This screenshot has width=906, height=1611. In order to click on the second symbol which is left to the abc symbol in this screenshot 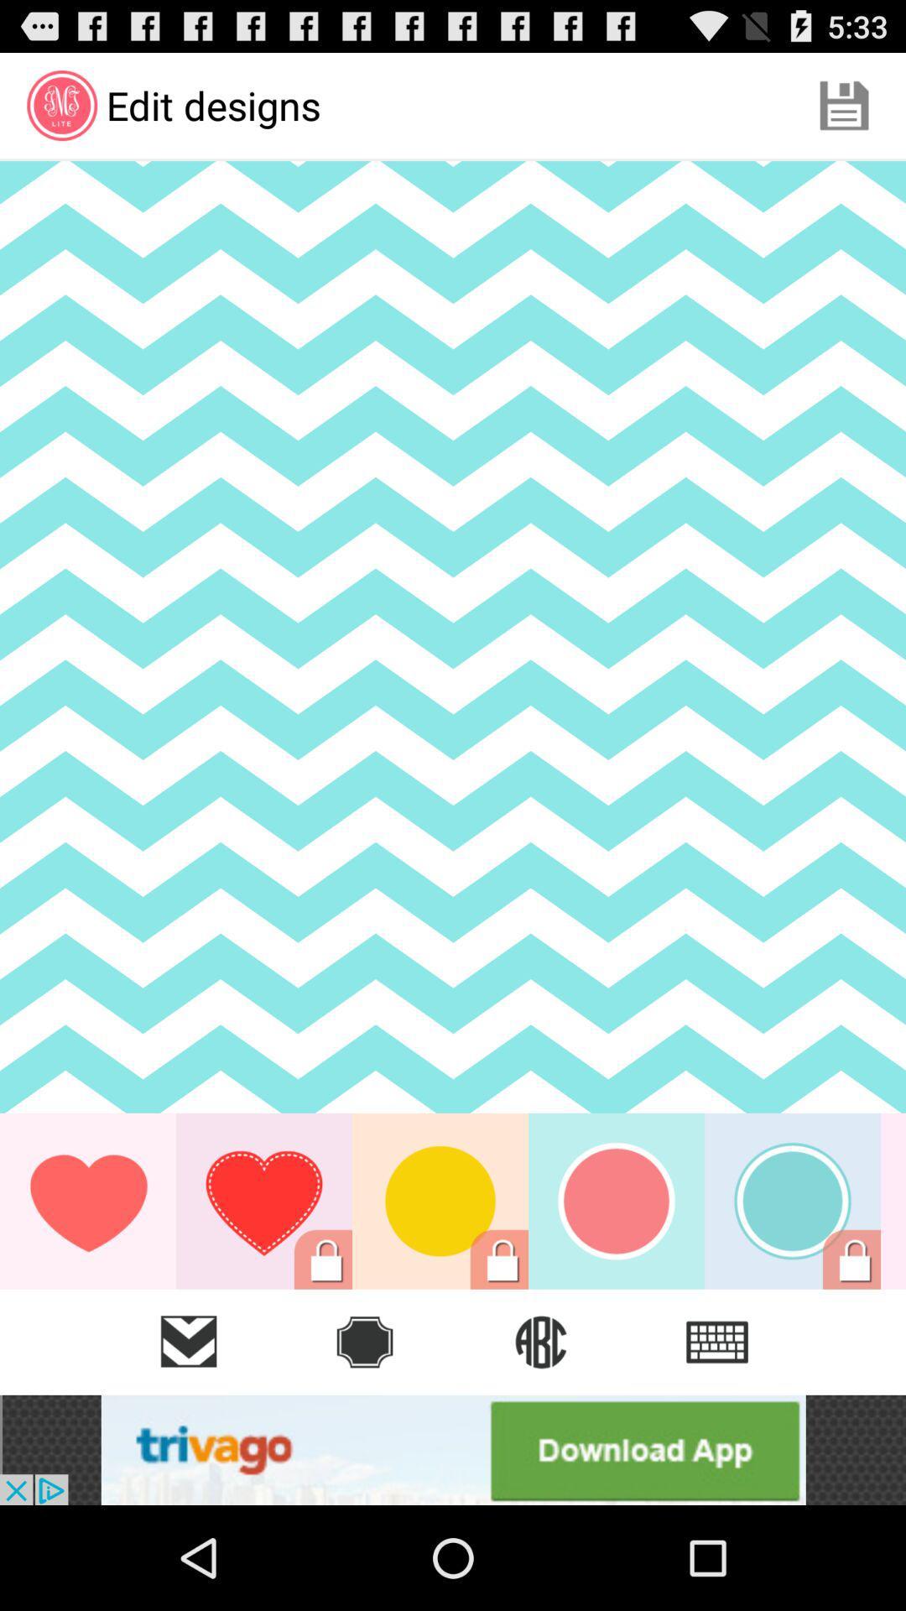, I will do `click(364, 1341)`.